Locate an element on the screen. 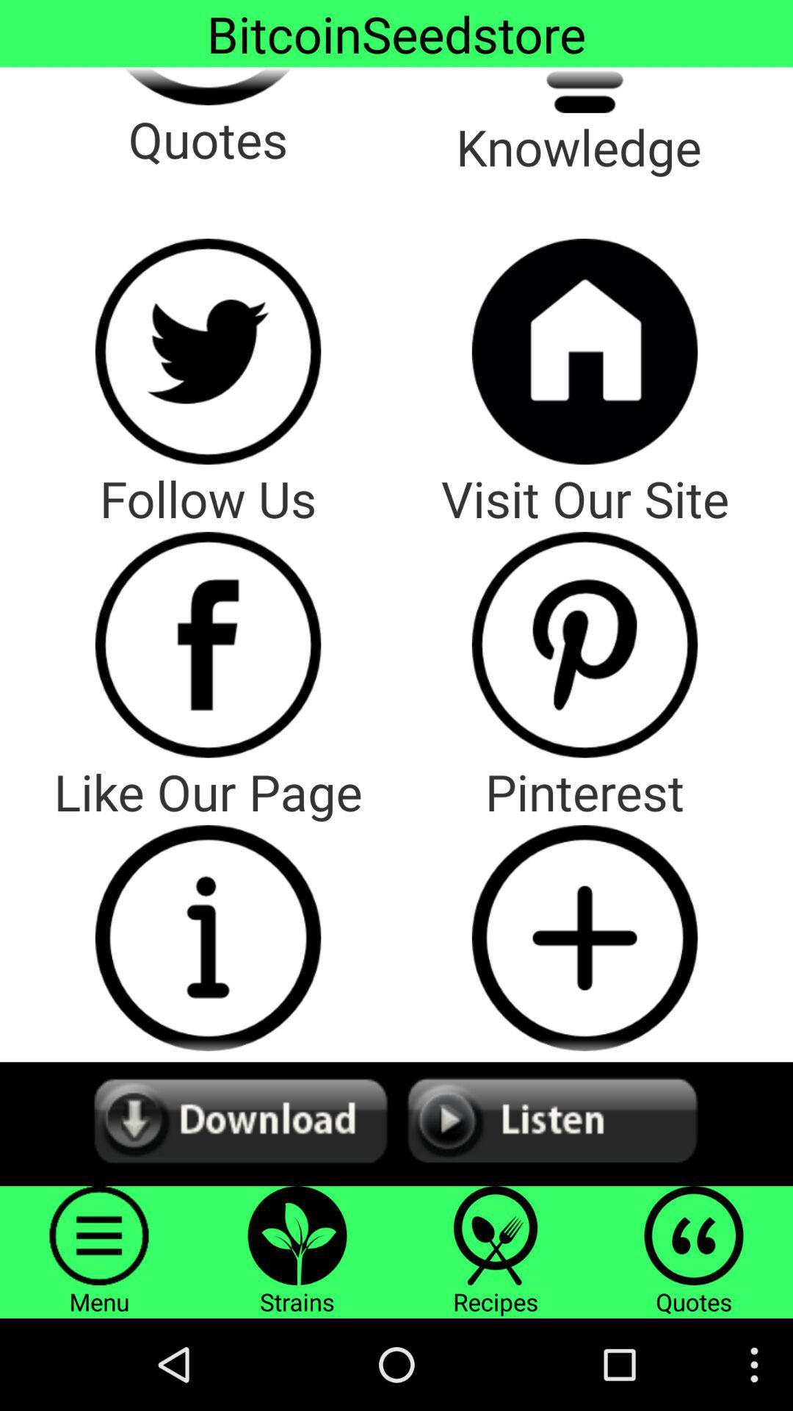  twitter follow is located at coordinates (208, 351).